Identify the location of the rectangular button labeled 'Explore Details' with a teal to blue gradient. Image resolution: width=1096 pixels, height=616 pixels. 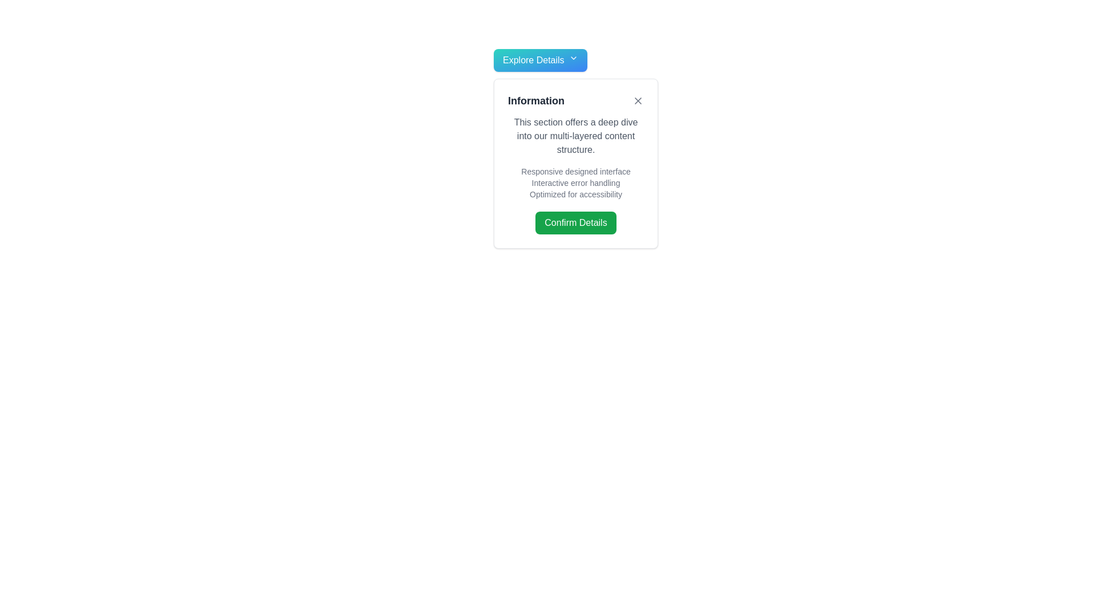
(539, 60).